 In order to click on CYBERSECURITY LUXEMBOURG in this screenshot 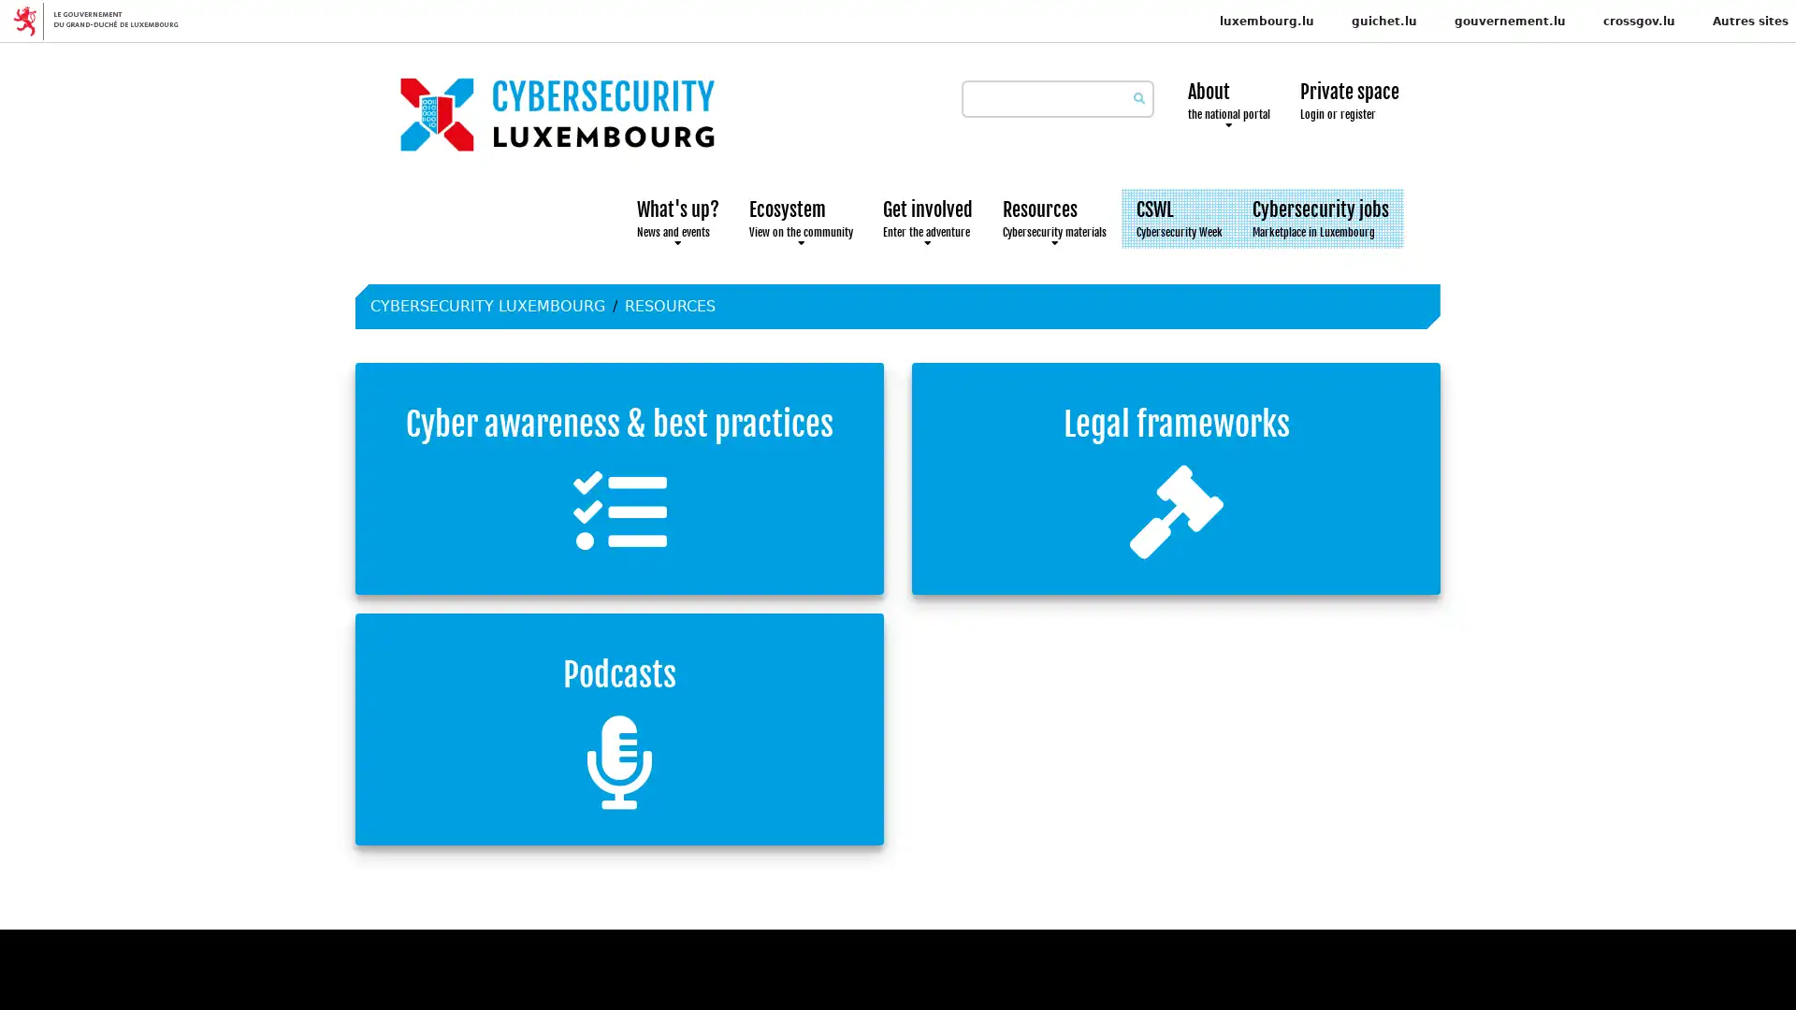, I will do `click(487, 305)`.